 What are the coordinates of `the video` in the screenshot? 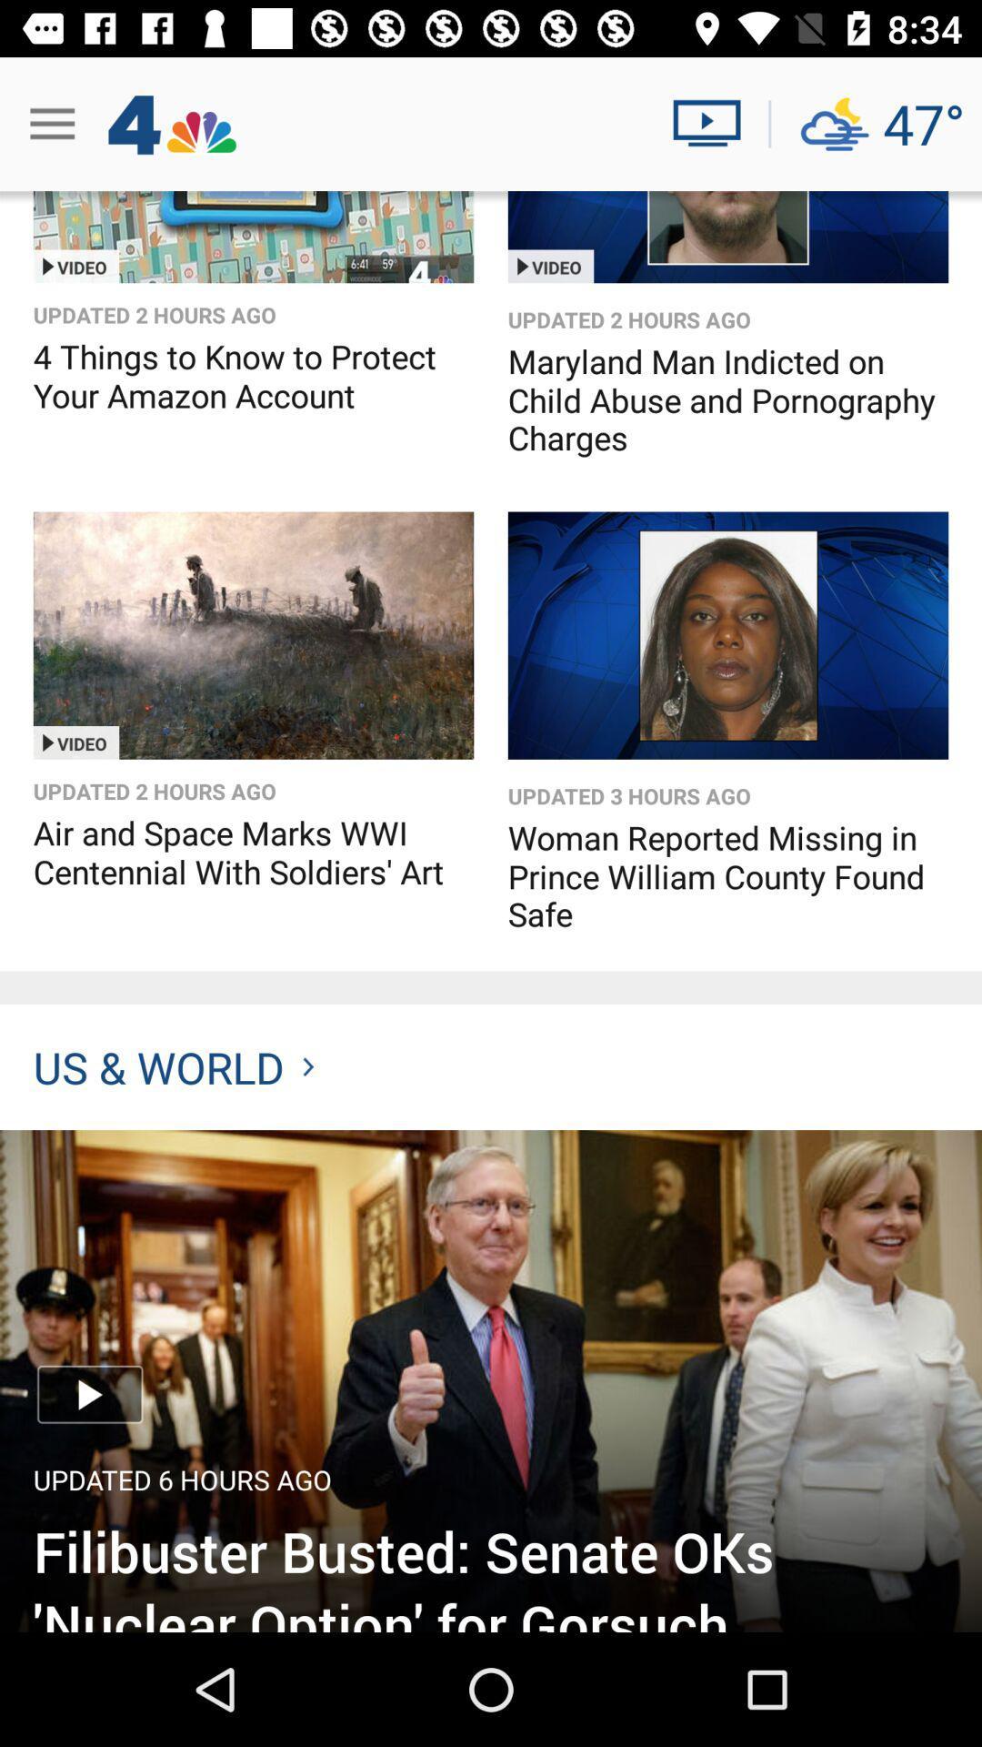 It's located at (253, 635).